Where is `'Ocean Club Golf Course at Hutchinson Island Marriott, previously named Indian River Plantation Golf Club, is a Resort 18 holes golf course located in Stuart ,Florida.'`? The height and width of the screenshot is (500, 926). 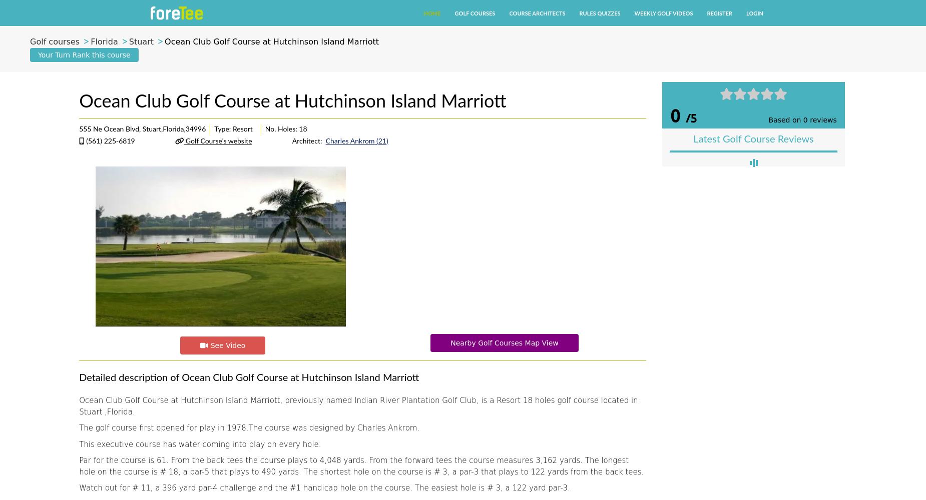
'Ocean Club Golf Course at Hutchinson Island Marriott, previously named Indian River Plantation Golf Club, is a Resort 18 holes golf course located in Stuart ,Florida.' is located at coordinates (358, 406).